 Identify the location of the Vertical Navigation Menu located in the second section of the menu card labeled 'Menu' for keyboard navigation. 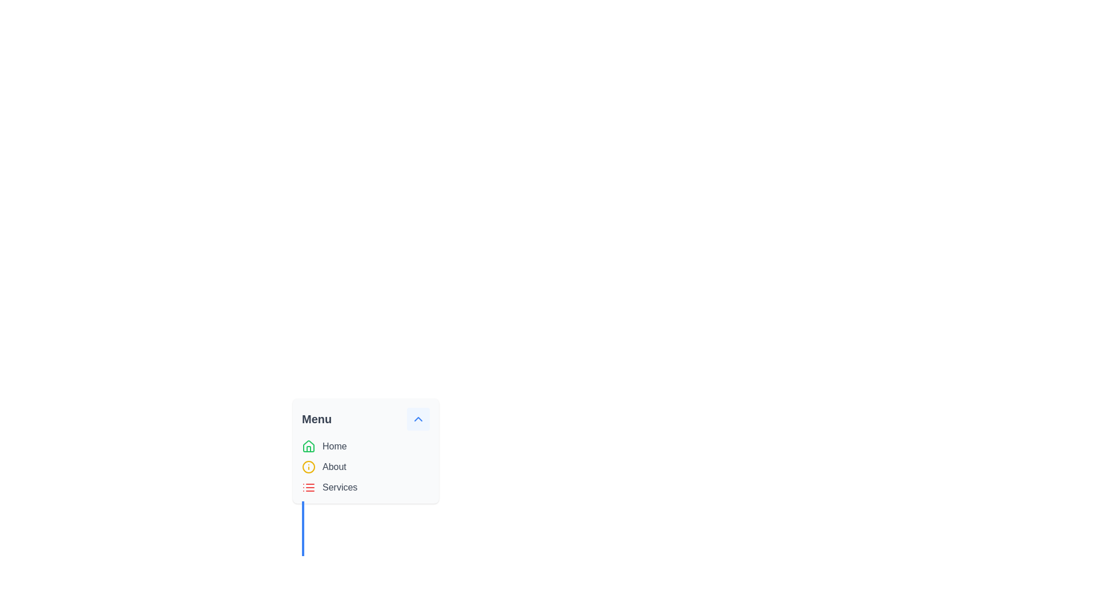
(366, 467).